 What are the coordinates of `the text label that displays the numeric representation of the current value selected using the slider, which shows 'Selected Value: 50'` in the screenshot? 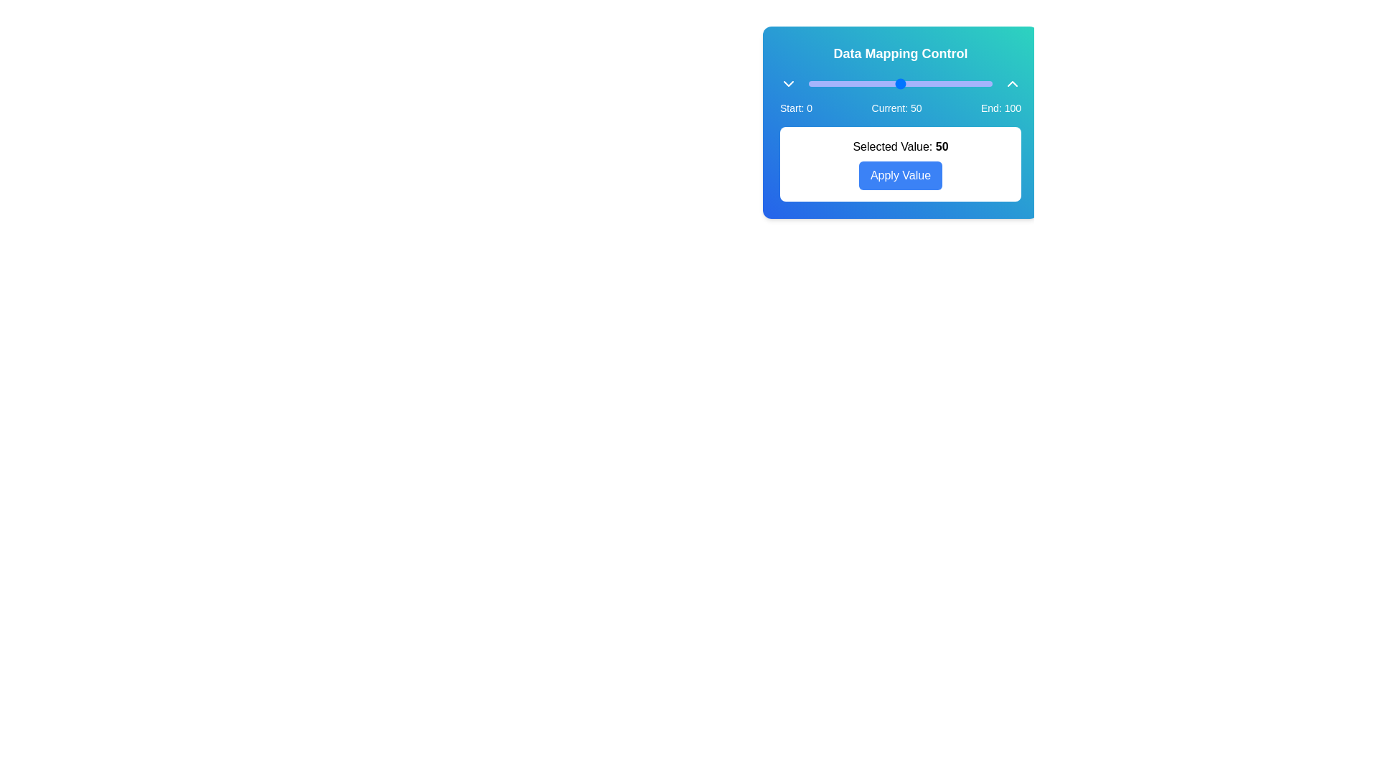 It's located at (942, 146).